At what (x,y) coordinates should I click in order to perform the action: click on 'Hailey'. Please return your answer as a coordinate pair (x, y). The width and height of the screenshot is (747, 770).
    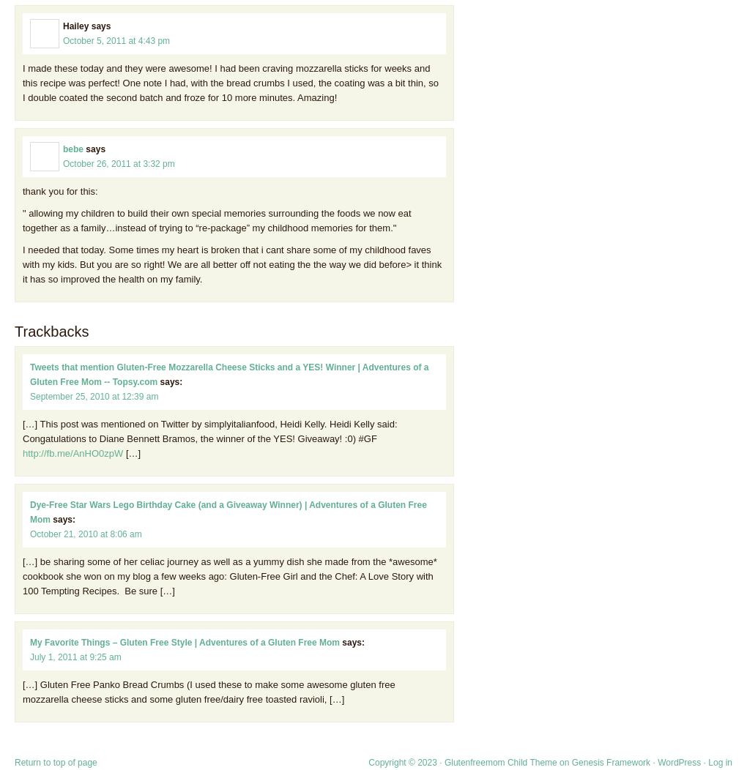
    Looking at the image, I should click on (75, 26).